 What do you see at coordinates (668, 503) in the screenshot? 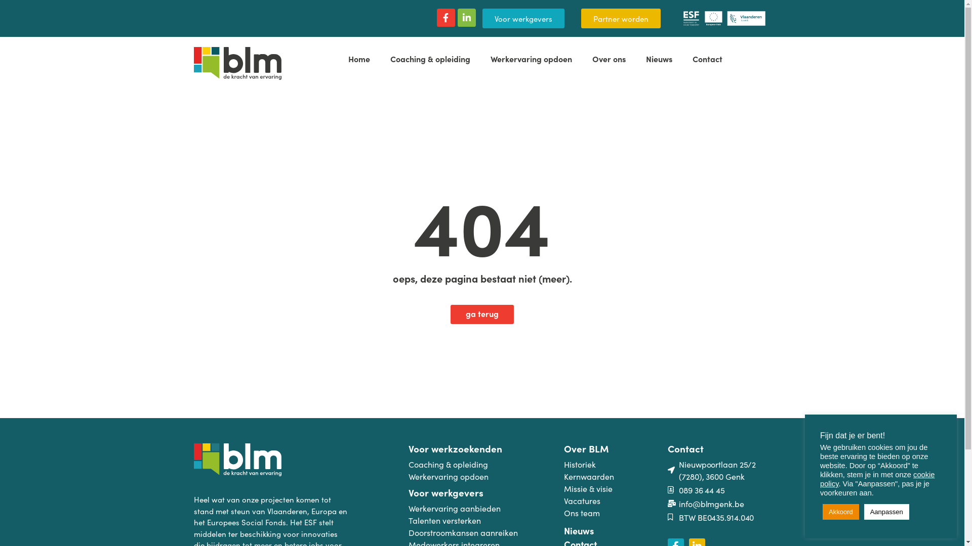
I see `'info@blmgenk.be'` at bounding box center [668, 503].